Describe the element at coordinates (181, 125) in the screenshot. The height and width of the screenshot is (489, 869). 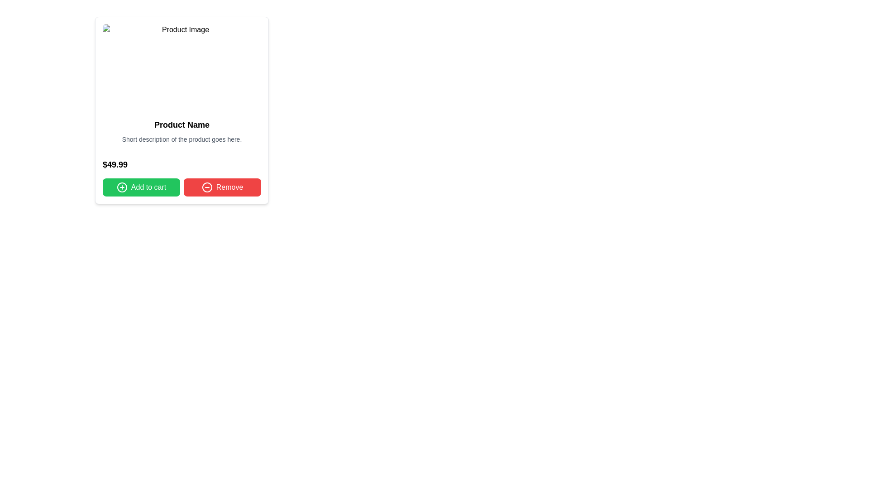
I see `the main title Text Label that identifies the product within the card interface, positioned near the upper half of the card` at that location.